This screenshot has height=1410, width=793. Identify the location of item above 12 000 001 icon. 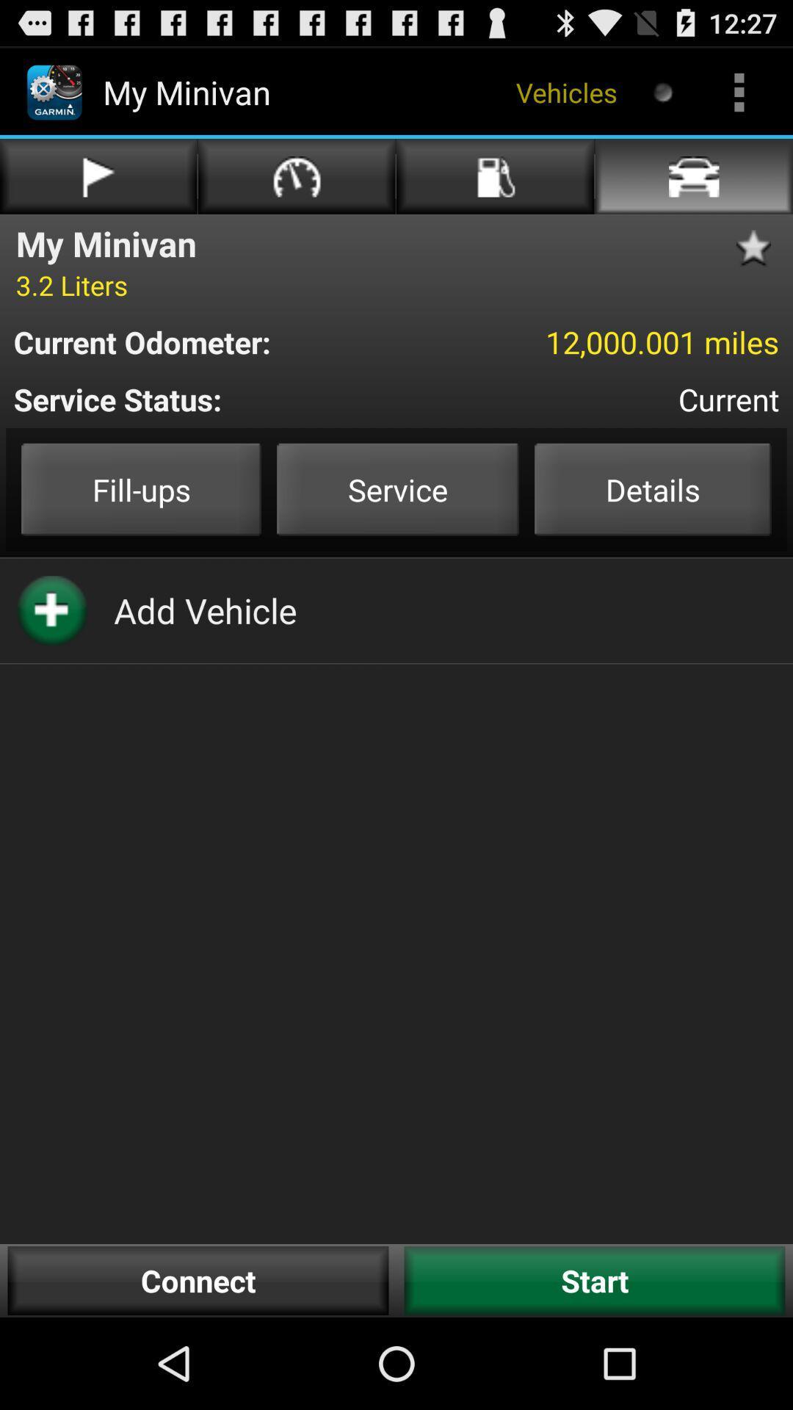
(758, 248).